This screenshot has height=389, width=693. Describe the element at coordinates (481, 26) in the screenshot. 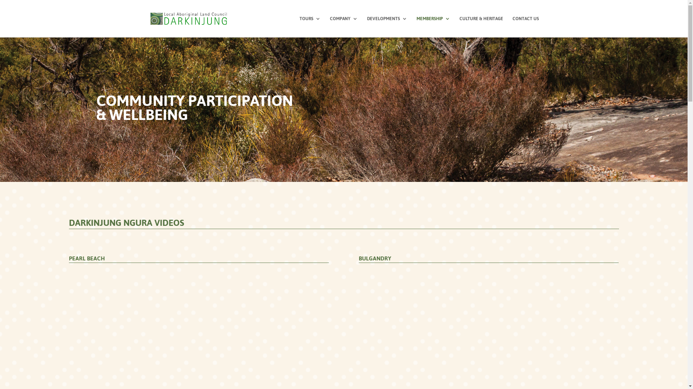

I see `'CULTURE & HERITAGE'` at that location.